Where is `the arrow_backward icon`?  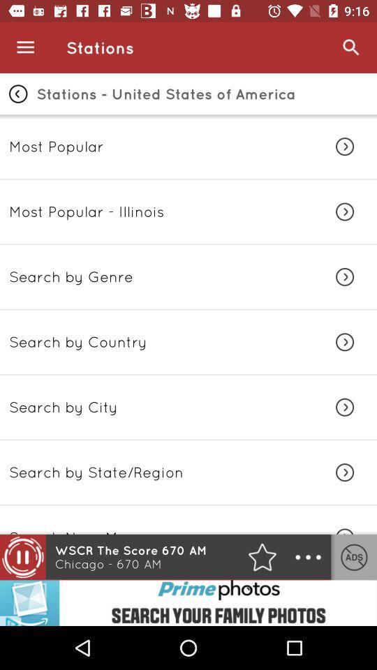 the arrow_backward icon is located at coordinates (17, 93).